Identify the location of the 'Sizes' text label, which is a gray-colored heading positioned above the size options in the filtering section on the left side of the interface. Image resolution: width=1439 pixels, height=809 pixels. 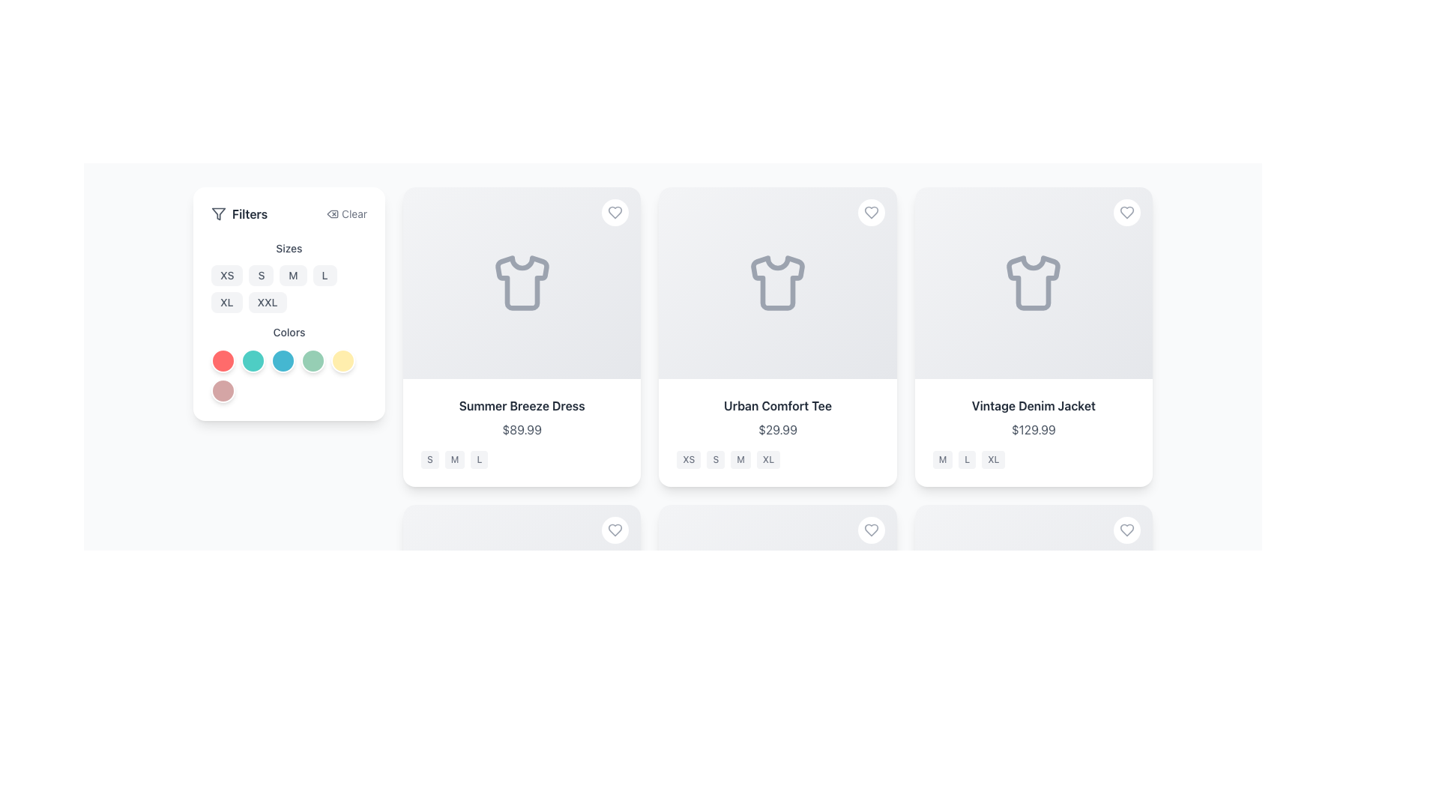
(289, 247).